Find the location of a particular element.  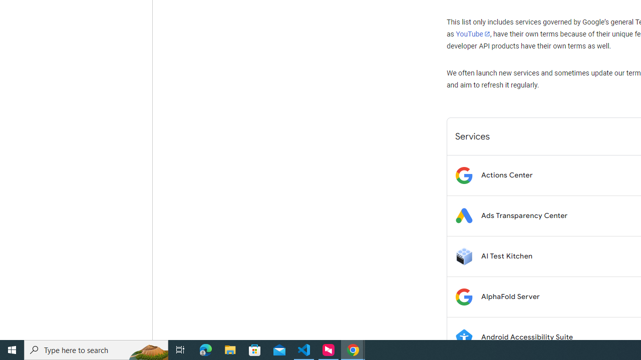

'YouTube' is located at coordinates (472, 33).